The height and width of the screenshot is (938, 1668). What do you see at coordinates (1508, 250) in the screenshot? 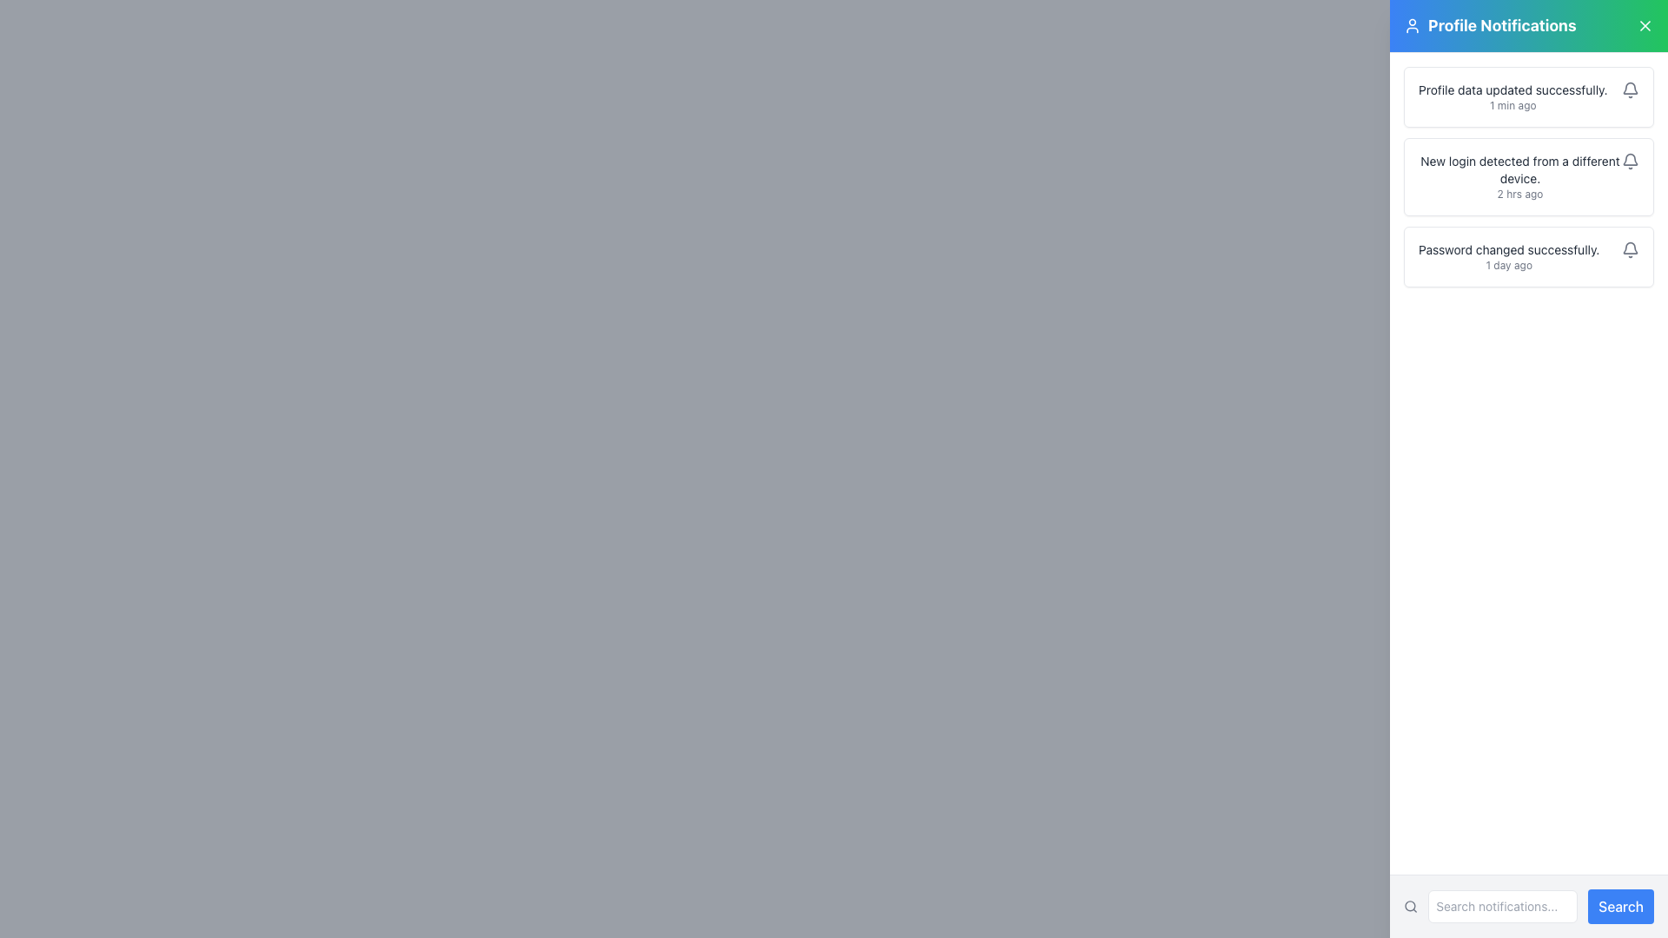
I see `informational text that indicates a successful password change, located above the text '1 day ago' in the third notification card` at bounding box center [1508, 250].